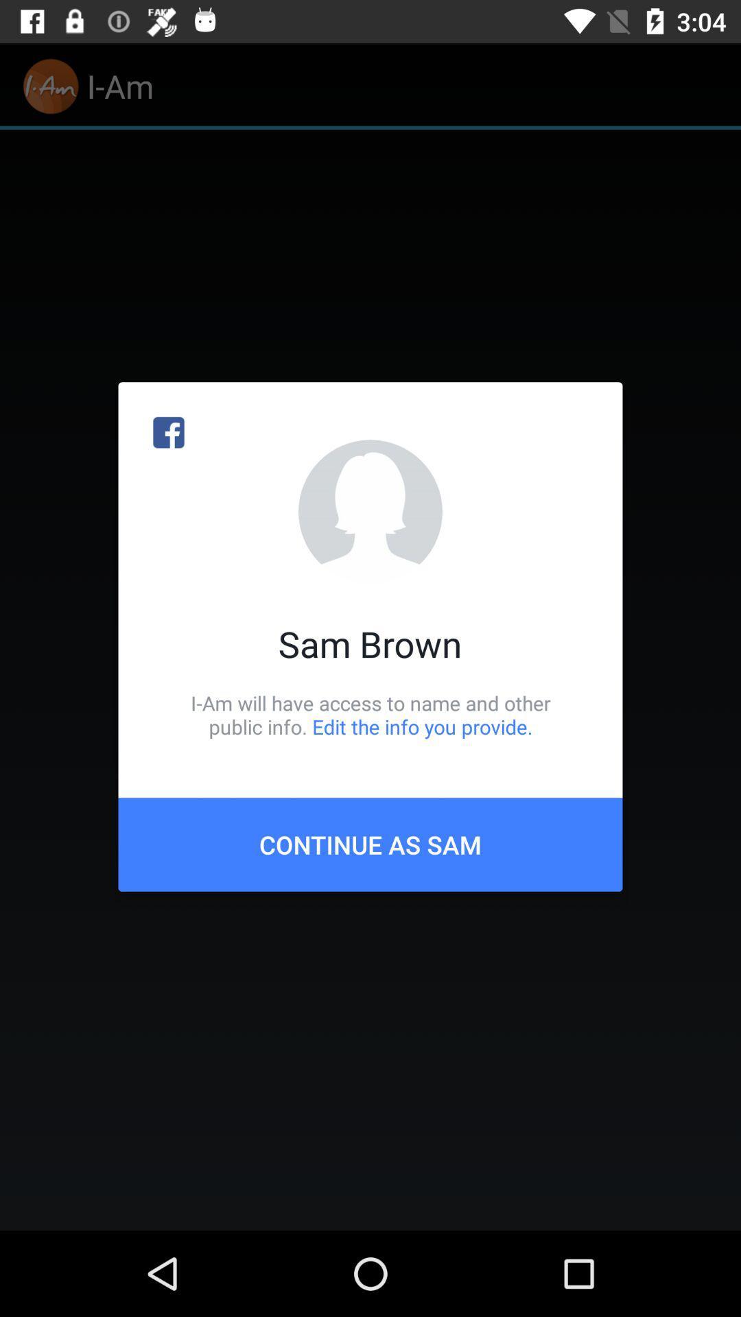  What do you see at coordinates (370, 714) in the screenshot?
I see `the item above continue as sam item` at bounding box center [370, 714].